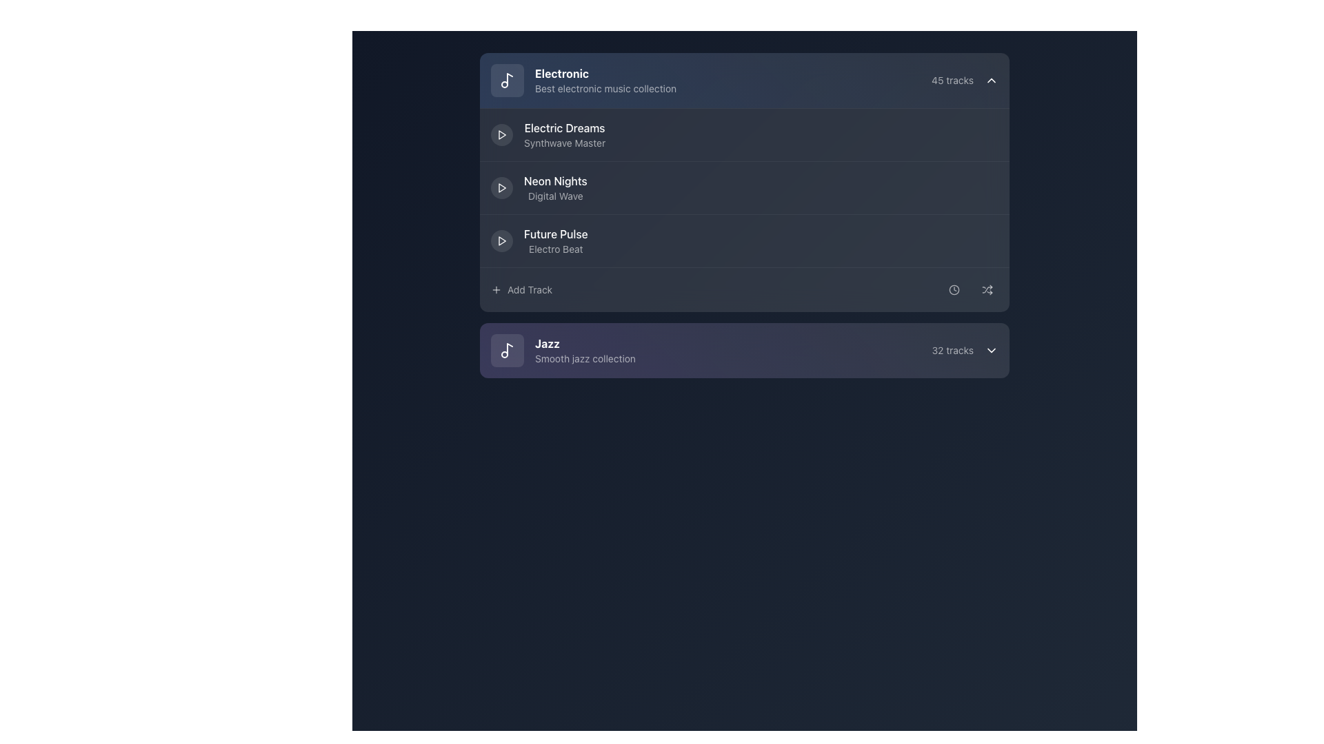 Image resolution: width=1324 pixels, height=744 pixels. I want to click on the context menu activator button located at the far right of the 'Neon Nights' playlist row, so click(986, 188).